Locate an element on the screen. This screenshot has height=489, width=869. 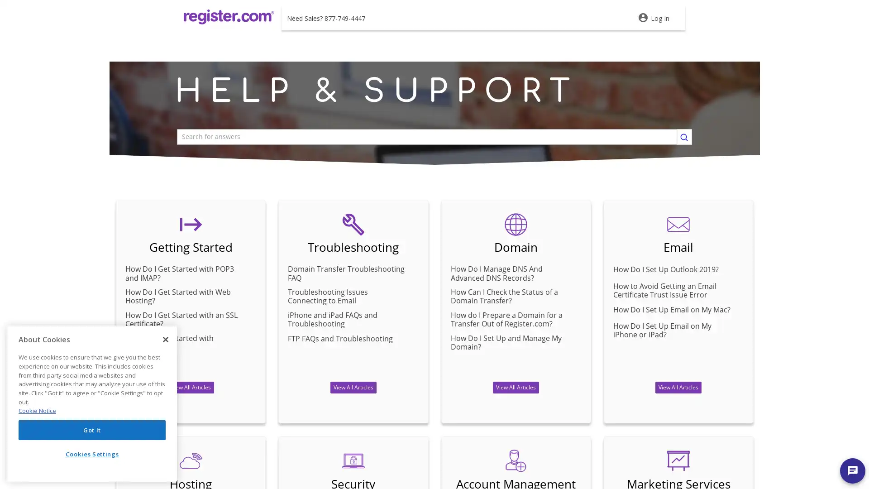
Close is located at coordinates (165, 339).